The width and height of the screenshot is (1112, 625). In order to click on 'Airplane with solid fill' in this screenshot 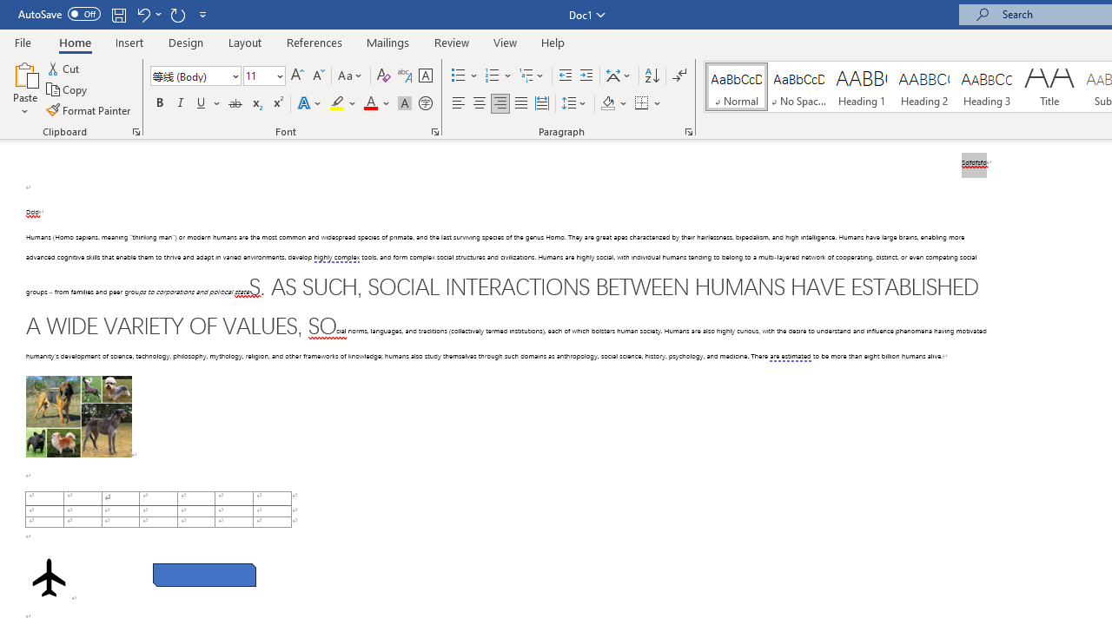, I will do `click(49, 577)`.